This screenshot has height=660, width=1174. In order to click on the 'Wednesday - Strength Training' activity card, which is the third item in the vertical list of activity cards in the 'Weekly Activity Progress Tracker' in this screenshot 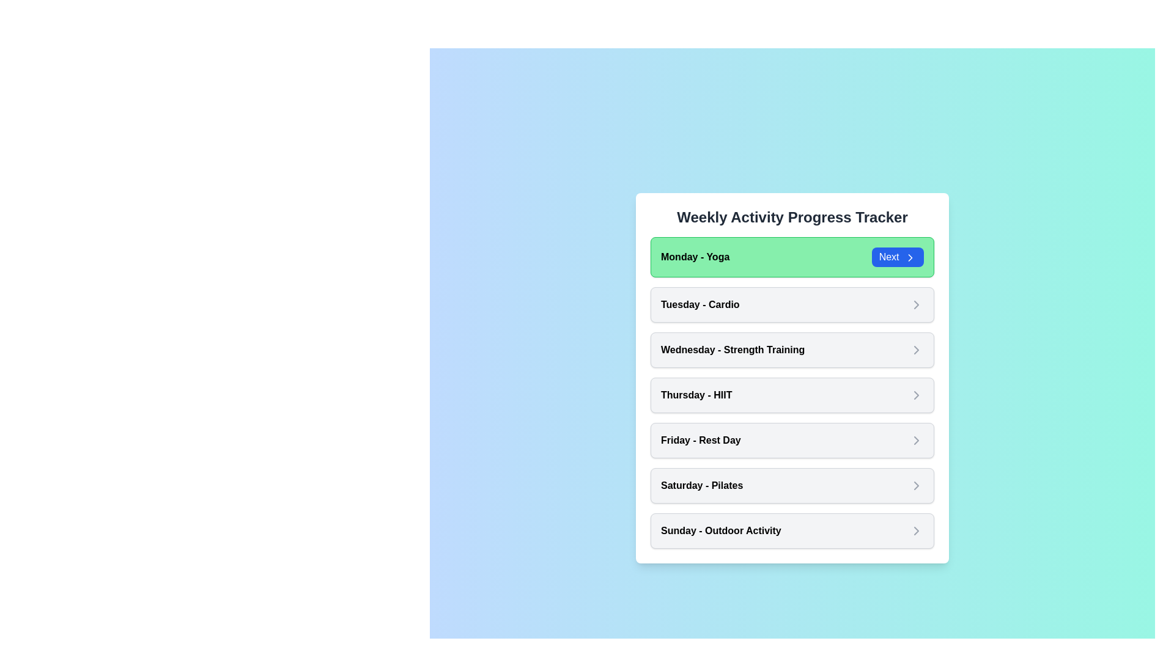, I will do `click(792, 350)`.